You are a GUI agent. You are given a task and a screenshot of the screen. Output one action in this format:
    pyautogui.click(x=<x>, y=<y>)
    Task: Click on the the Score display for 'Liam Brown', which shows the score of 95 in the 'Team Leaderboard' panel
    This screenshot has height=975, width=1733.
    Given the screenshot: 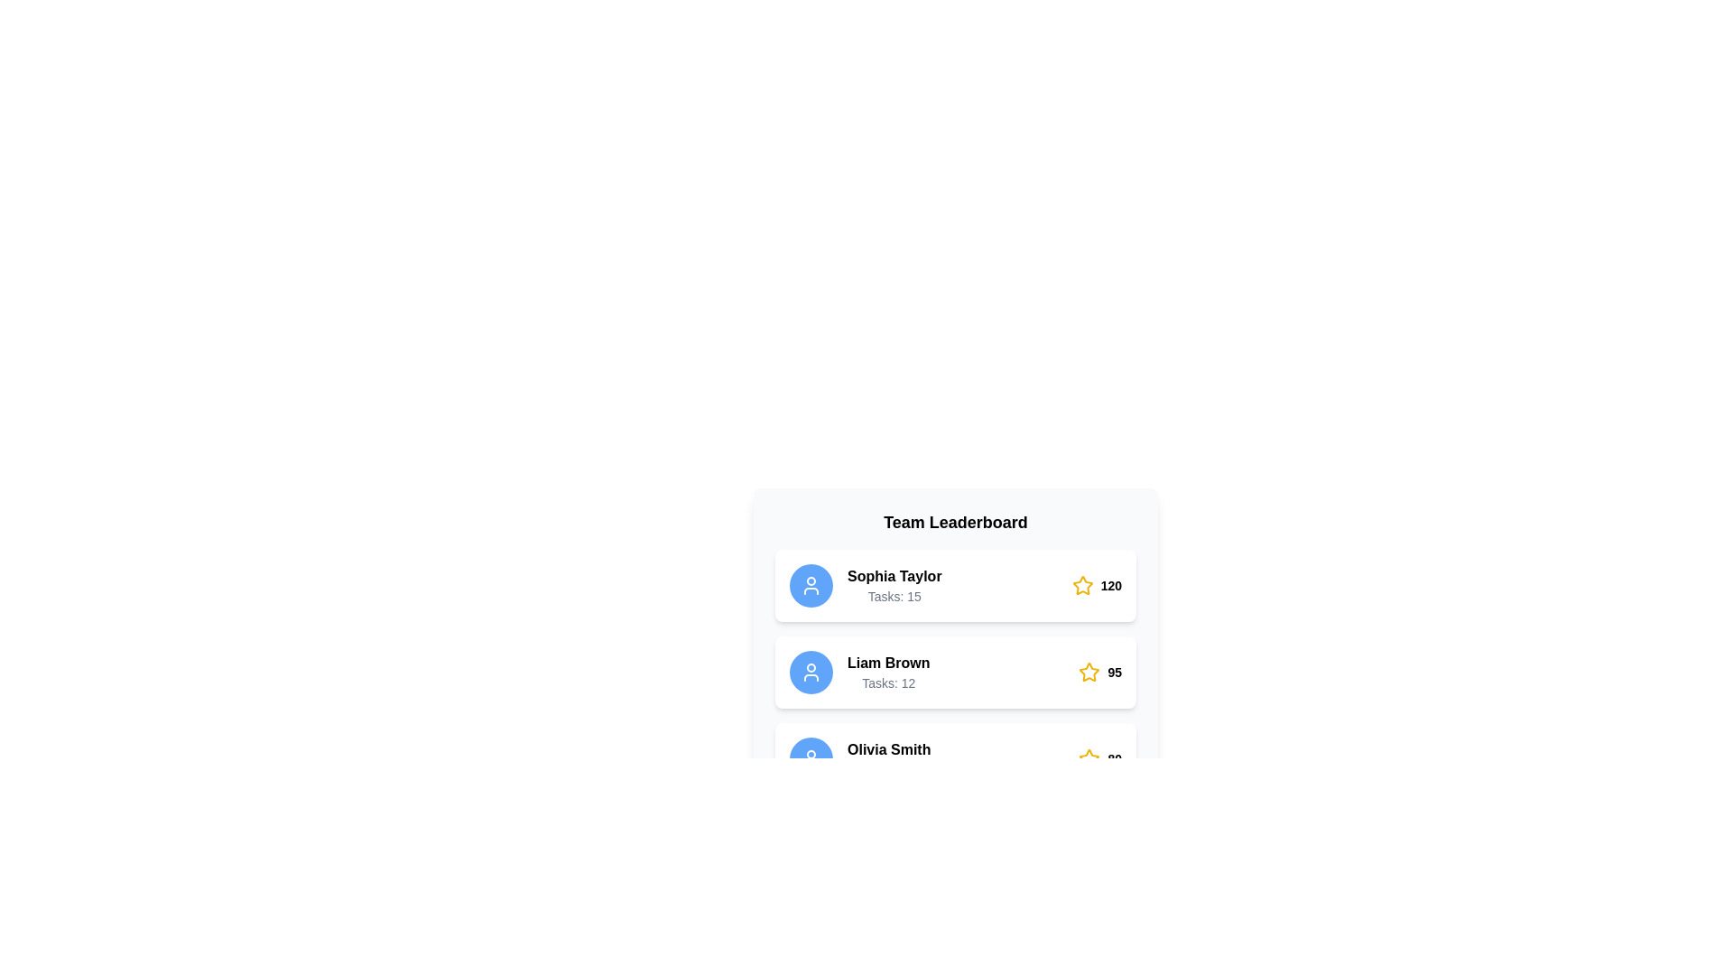 What is the action you would take?
    pyautogui.click(x=1099, y=672)
    